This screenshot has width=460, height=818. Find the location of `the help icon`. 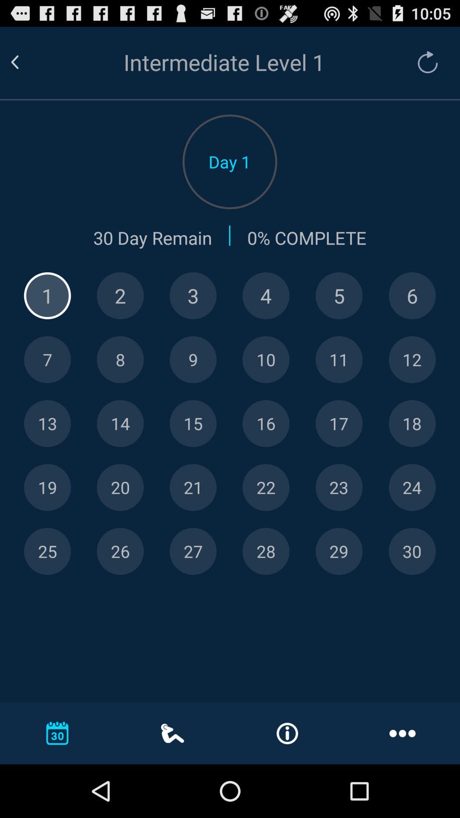

the help icon is located at coordinates (120, 316).